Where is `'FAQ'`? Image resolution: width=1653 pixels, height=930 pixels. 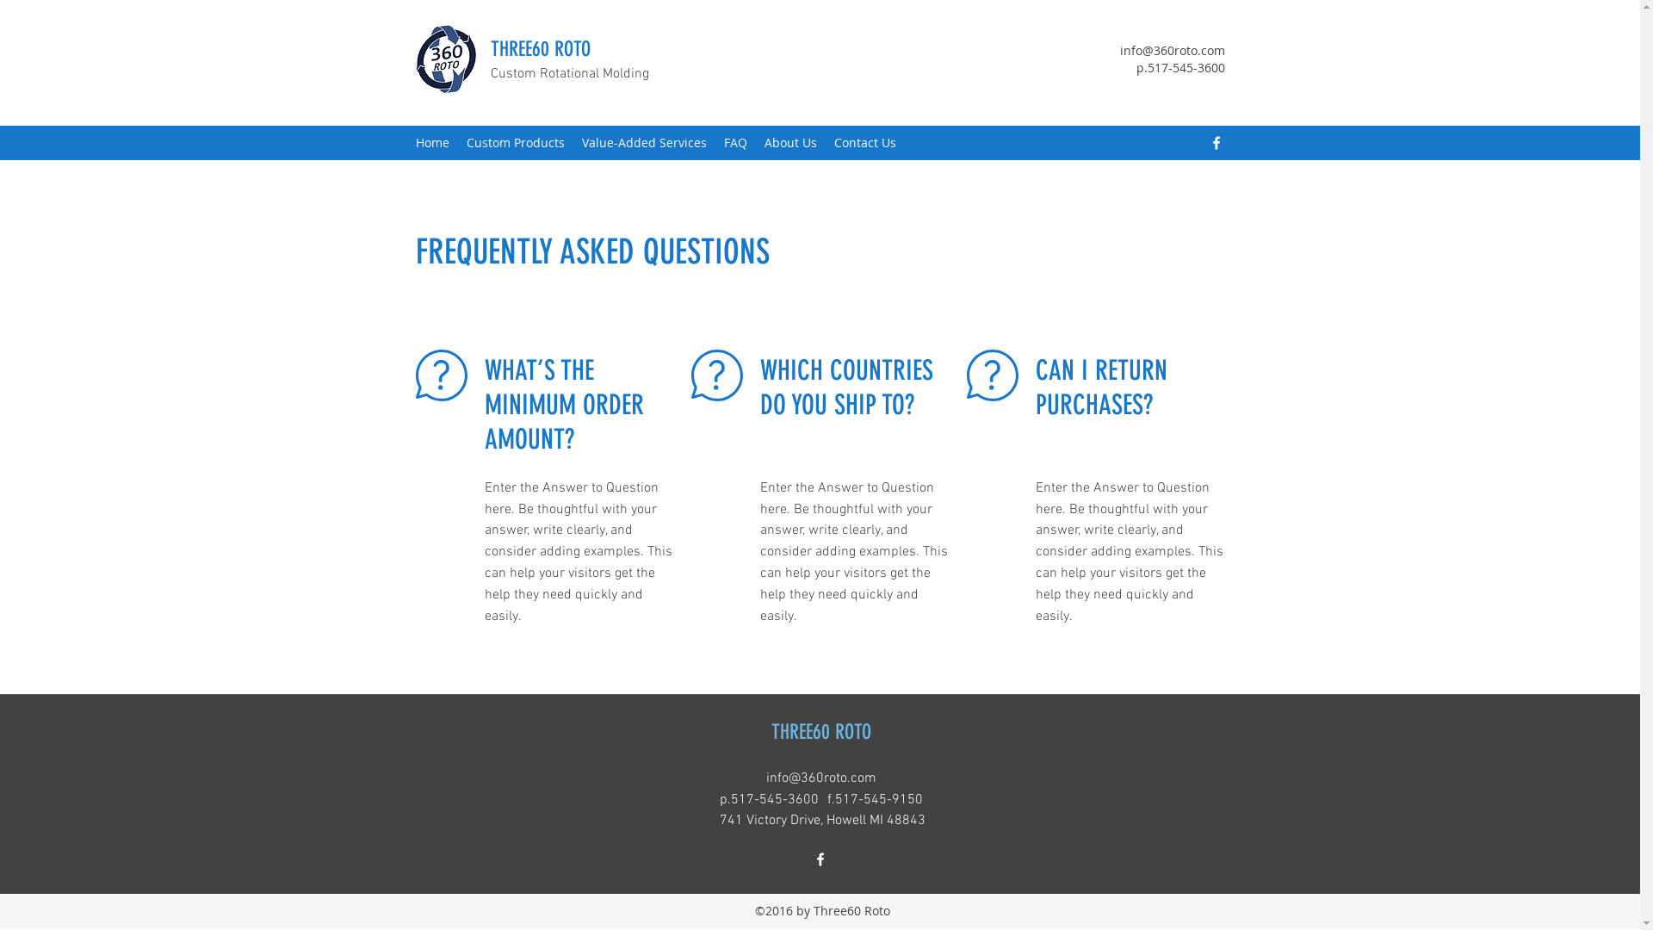
'FAQ' is located at coordinates (734, 141).